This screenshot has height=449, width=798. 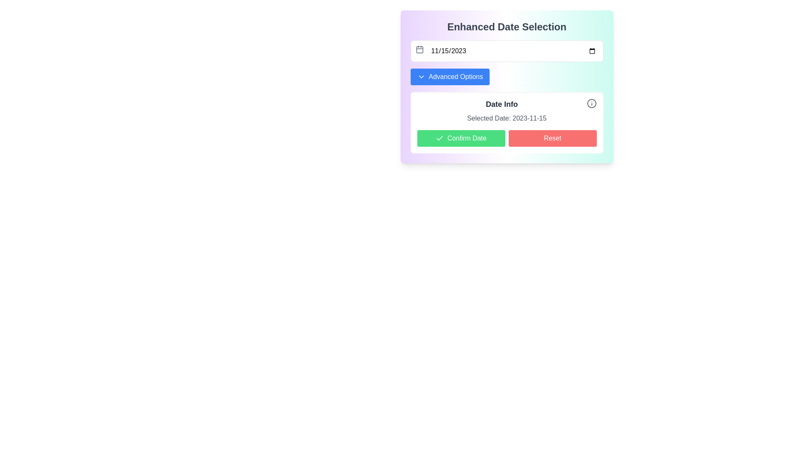 I want to click on the button labeled 'Advanced Options' with a blue background and white text, located between the date input field and the 'Date Info' section, so click(x=449, y=77).